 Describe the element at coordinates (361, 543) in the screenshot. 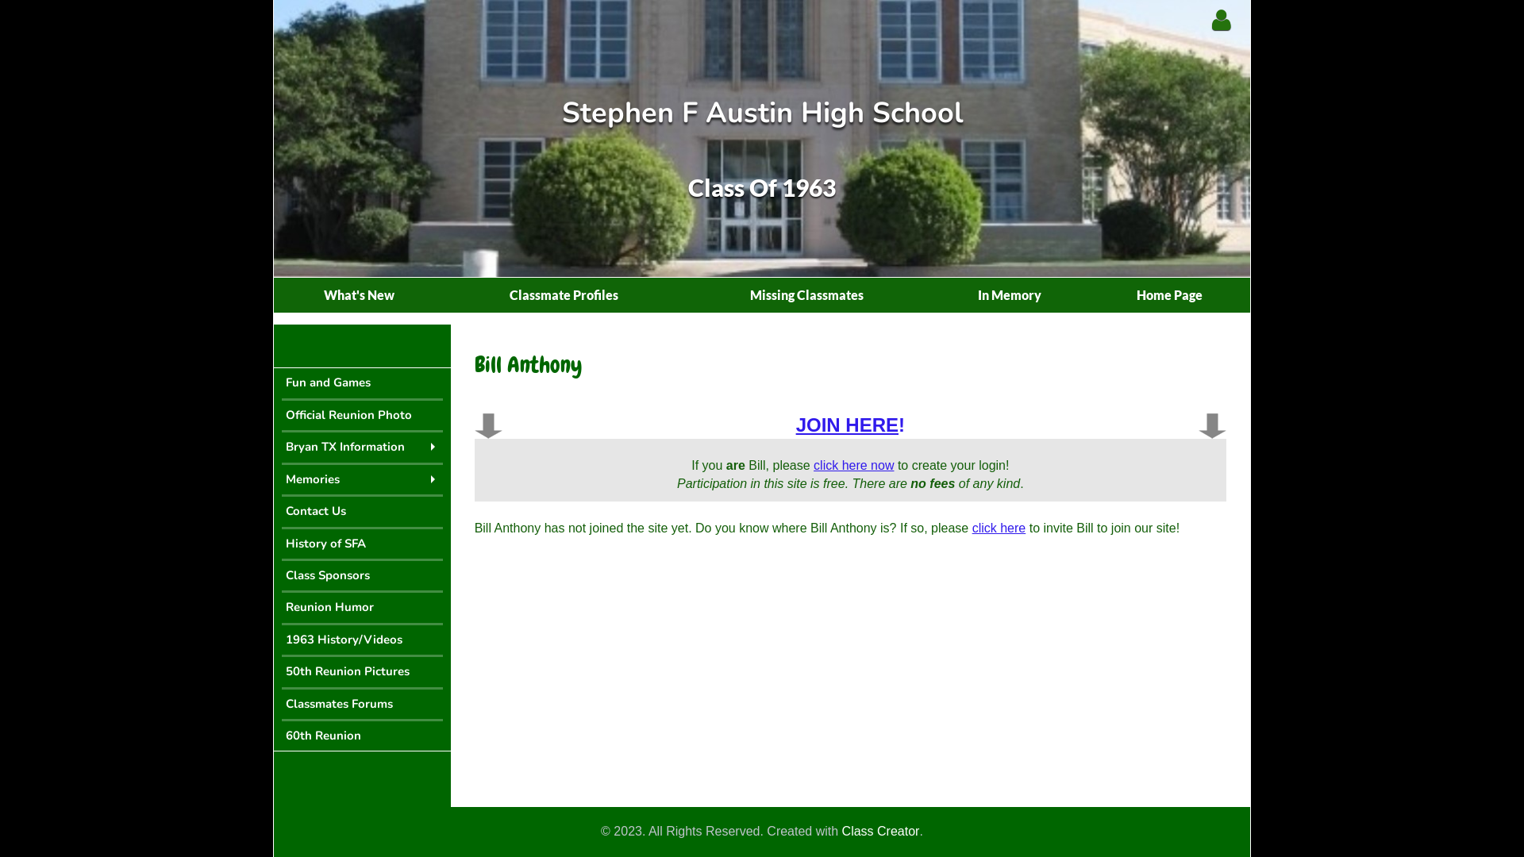

I see `'History of SFA'` at that location.